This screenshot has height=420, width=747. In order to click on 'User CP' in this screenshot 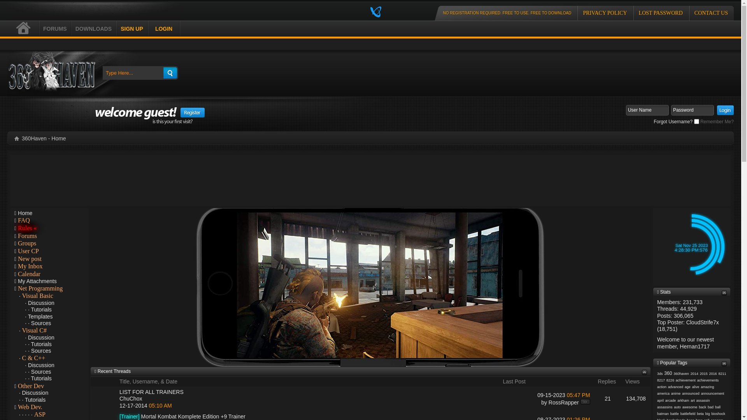, I will do `click(28, 251)`.